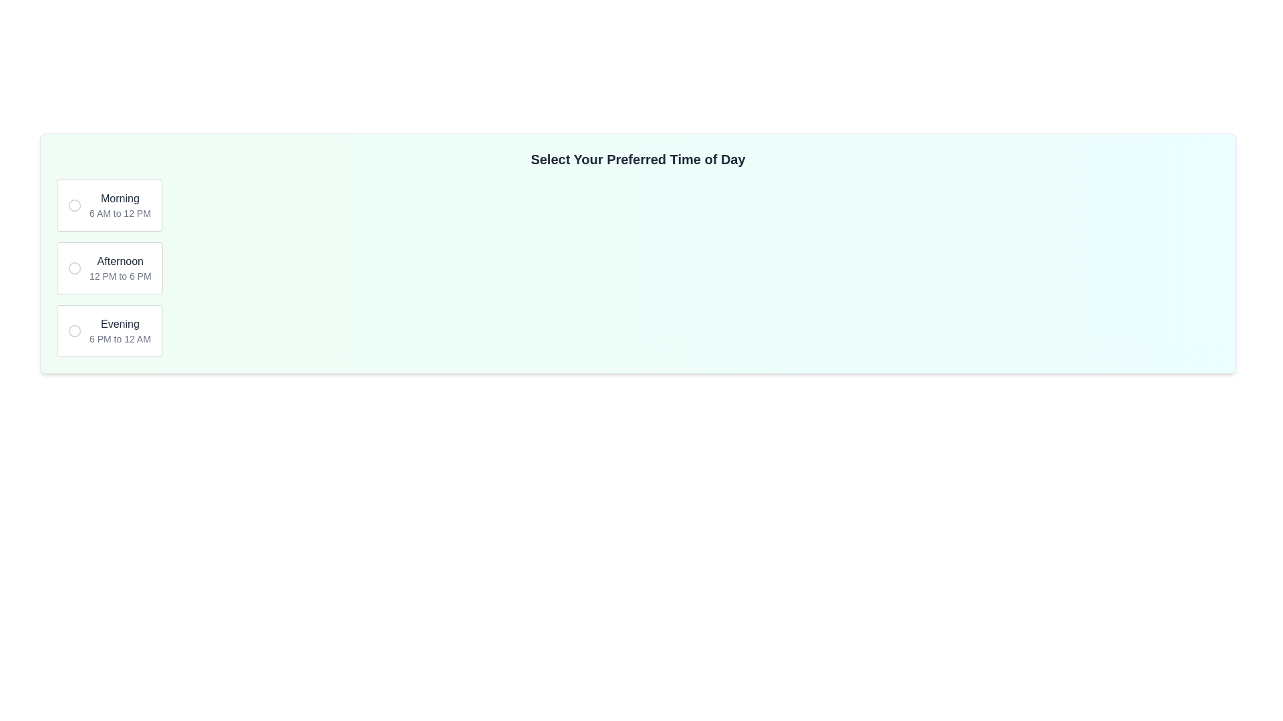  What do you see at coordinates (120, 330) in the screenshot?
I see `the selectable list item labeled 'Evening'` at bounding box center [120, 330].